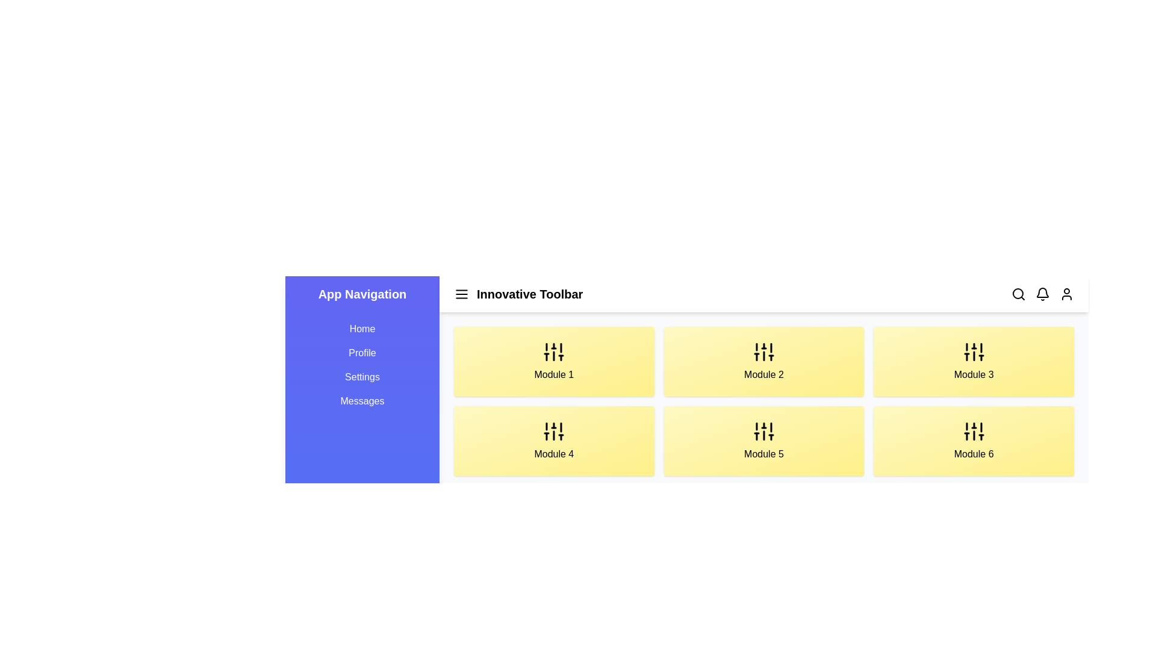  What do you see at coordinates (361, 352) in the screenshot?
I see `the navigation link labeled Profile` at bounding box center [361, 352].